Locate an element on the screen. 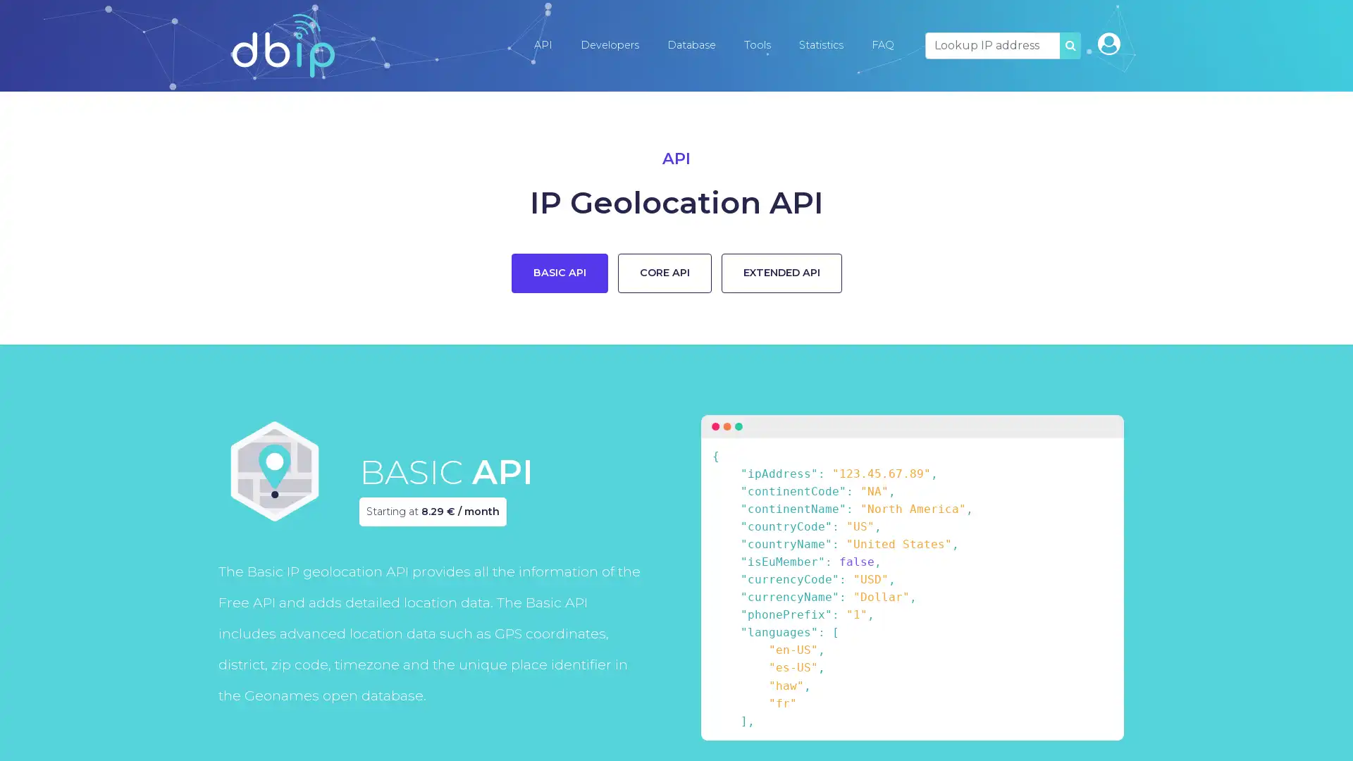  SEARCH is located at coordinates (1070, 44).